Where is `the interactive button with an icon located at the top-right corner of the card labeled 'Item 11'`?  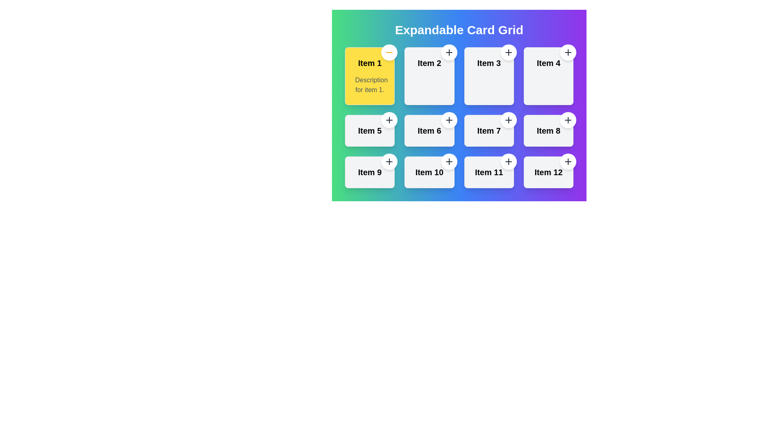 the interactive button with an icon located at the top-right corner of the card labeled 'Item 11' is located at coordinates (508, 162).